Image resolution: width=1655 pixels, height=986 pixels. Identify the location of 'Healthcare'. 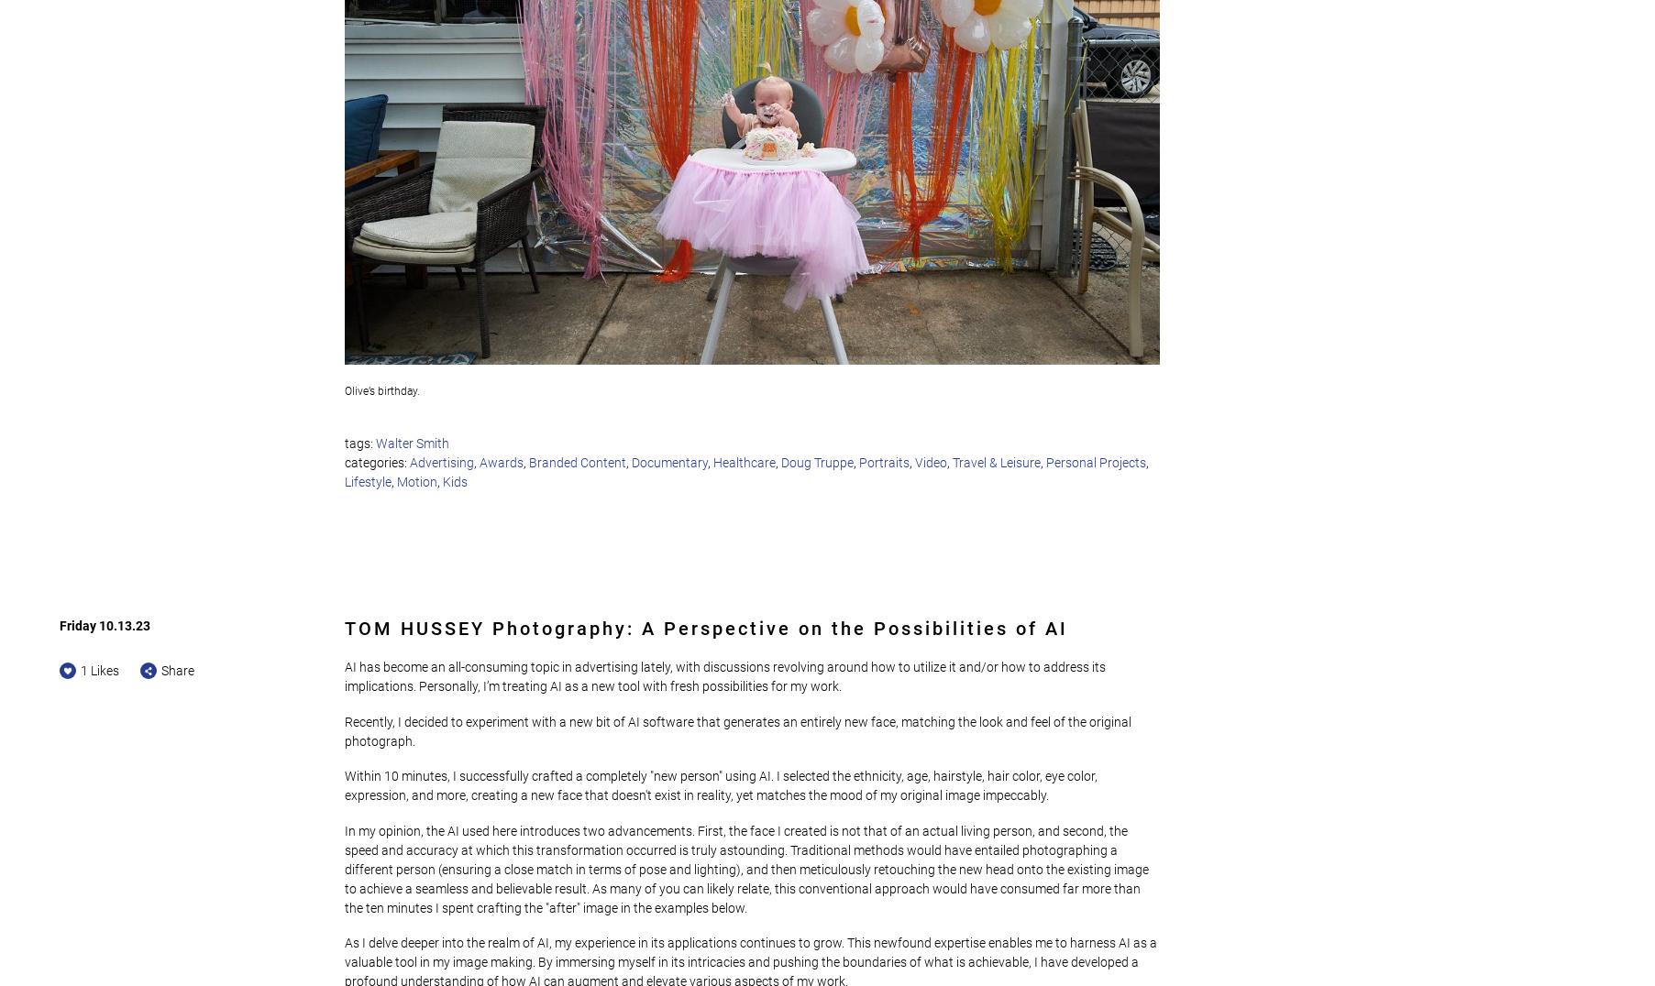
(745, 462).